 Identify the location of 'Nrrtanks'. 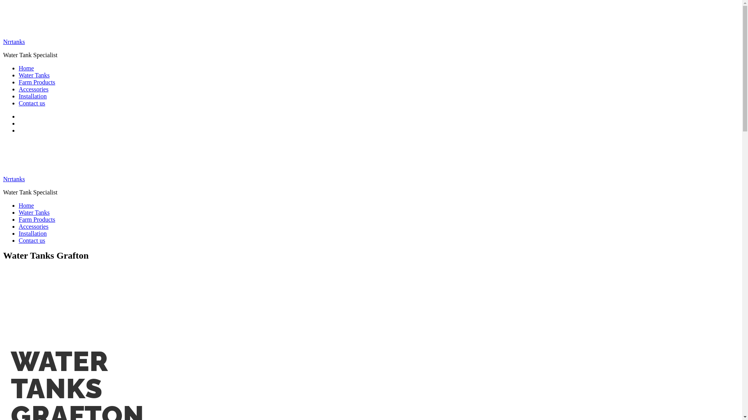
(14, 179).